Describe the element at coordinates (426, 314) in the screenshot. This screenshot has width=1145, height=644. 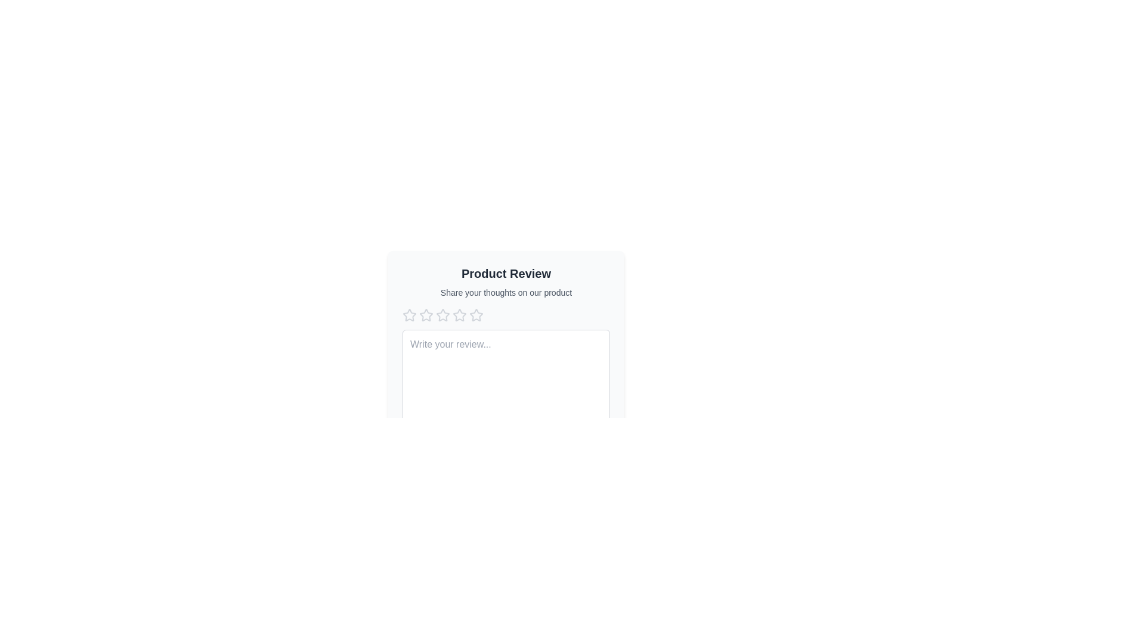
I see `the first outlined gray star icon in the rating system located below the 'Share your thoughts on our product' heading` at that location.